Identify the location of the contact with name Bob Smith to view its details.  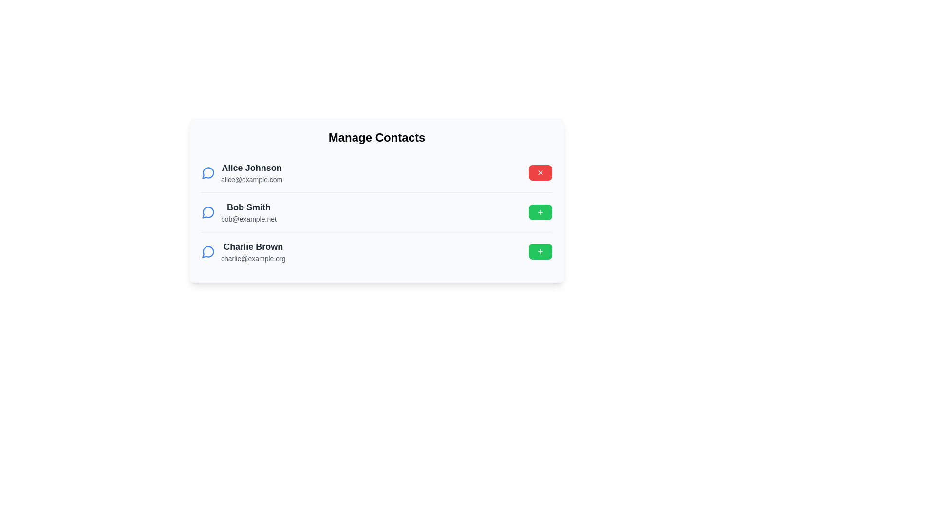
(239, 211).